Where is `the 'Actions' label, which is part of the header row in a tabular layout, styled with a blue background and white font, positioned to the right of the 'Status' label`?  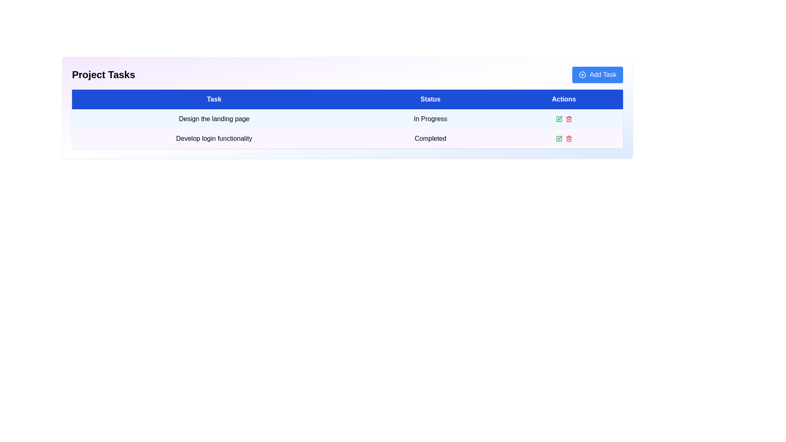
the 'Actions' label, which is part of the header row in a tabular layout, styled with a blue background and white font, positioned to the right of the 'Status' label is located at coordinates (563, 99).